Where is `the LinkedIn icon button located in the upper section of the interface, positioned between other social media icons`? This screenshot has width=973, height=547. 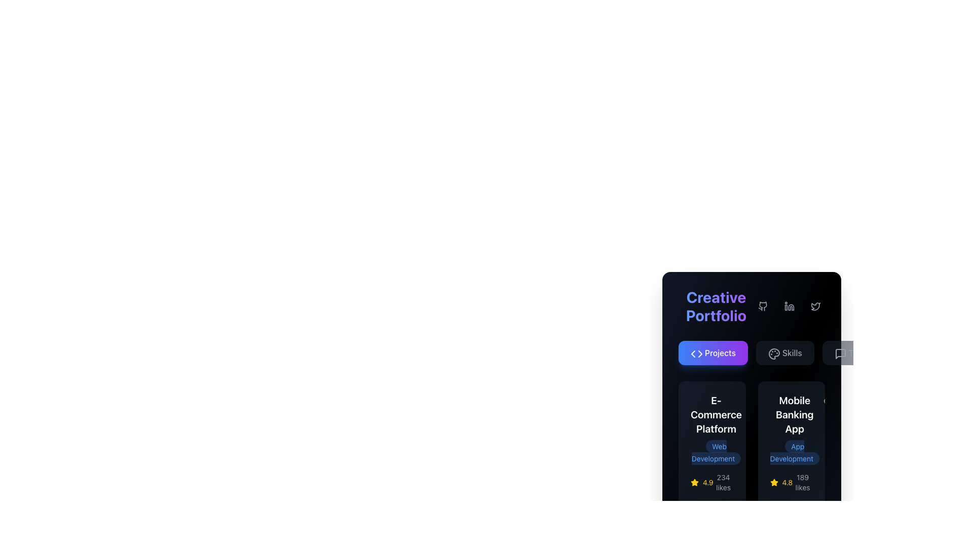
the LinkedIn icon button located in the upper section of the interface, positioned between other social media icons is located at coordinates (789, 306).